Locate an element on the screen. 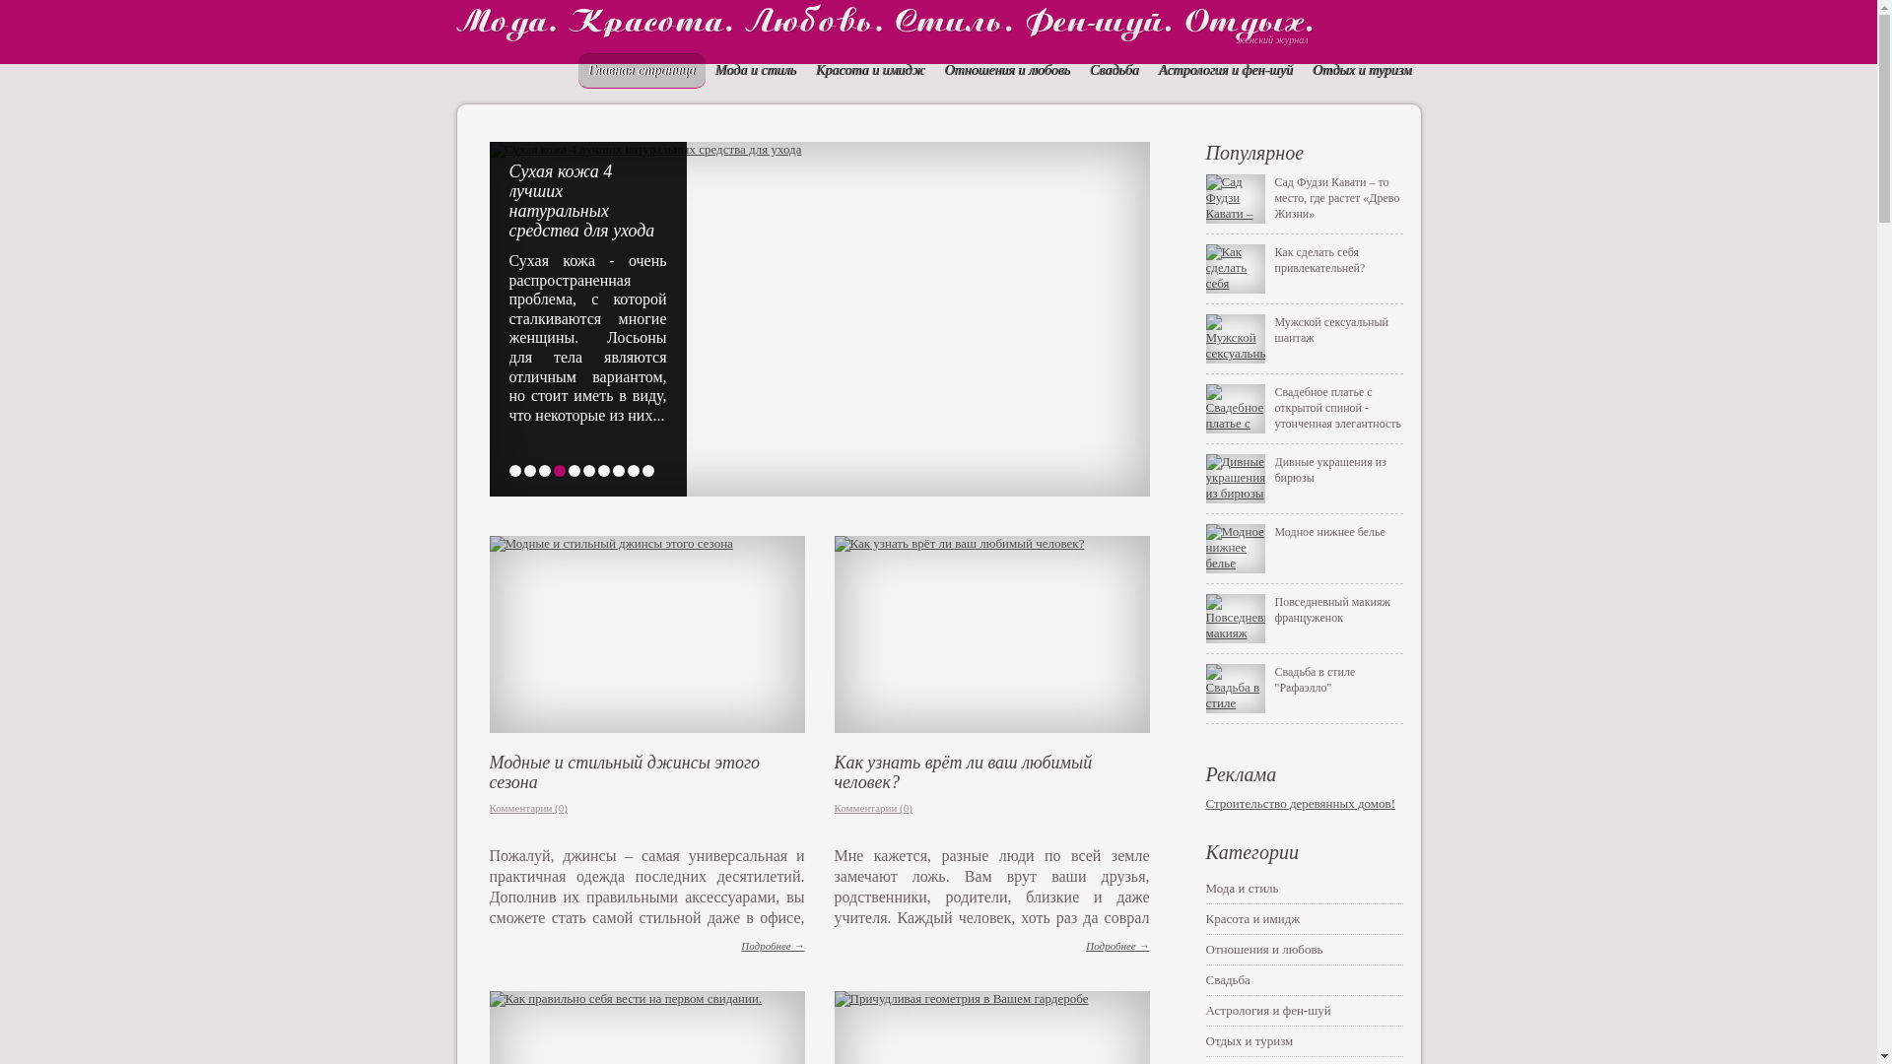 Image resolution: width=1892 pixels, height=1064 pixels. '9' is located at coordinates (633, 471).